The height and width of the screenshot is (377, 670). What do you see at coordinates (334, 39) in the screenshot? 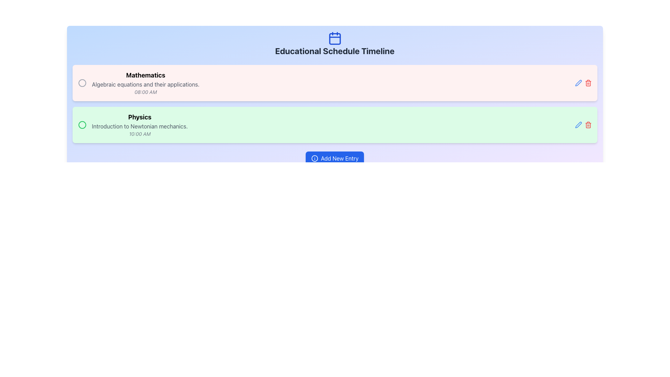
I see `the main calendar area, which is a decorative component of the calendar icon located above the 'Educational Schedule Timeline' header` at bounding box center [334, 39].